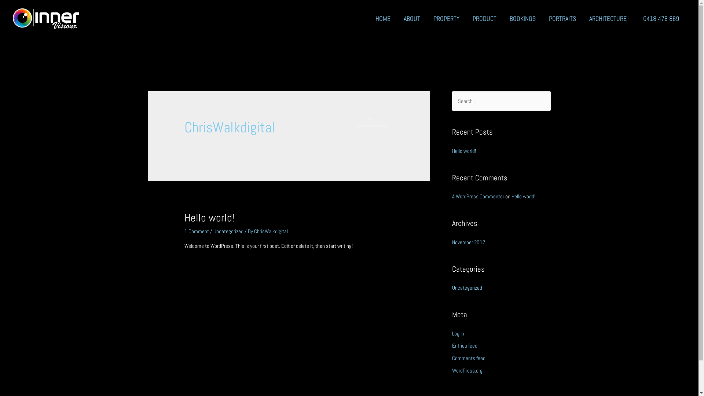 This screenshot has height=396, width=704. What do you see at coordinates (484, 18) in the screenshot?
I see `'PRODUCT'` at bounding box center [484, 18].